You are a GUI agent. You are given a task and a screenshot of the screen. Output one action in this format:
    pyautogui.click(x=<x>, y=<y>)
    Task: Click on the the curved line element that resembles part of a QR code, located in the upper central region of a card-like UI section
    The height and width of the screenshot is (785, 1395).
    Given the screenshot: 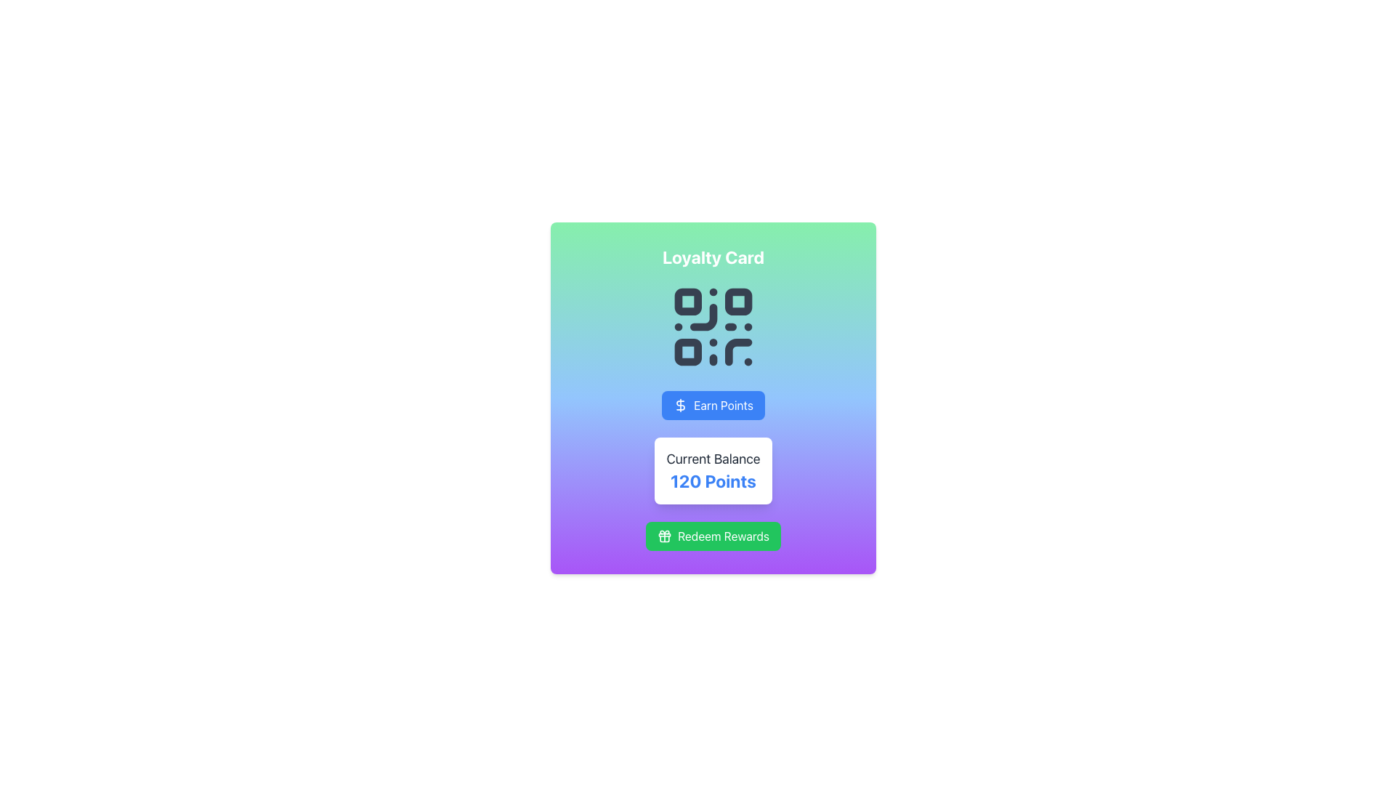 What is the action you would take?
    pyautogui.click(x=738, y=352)
    